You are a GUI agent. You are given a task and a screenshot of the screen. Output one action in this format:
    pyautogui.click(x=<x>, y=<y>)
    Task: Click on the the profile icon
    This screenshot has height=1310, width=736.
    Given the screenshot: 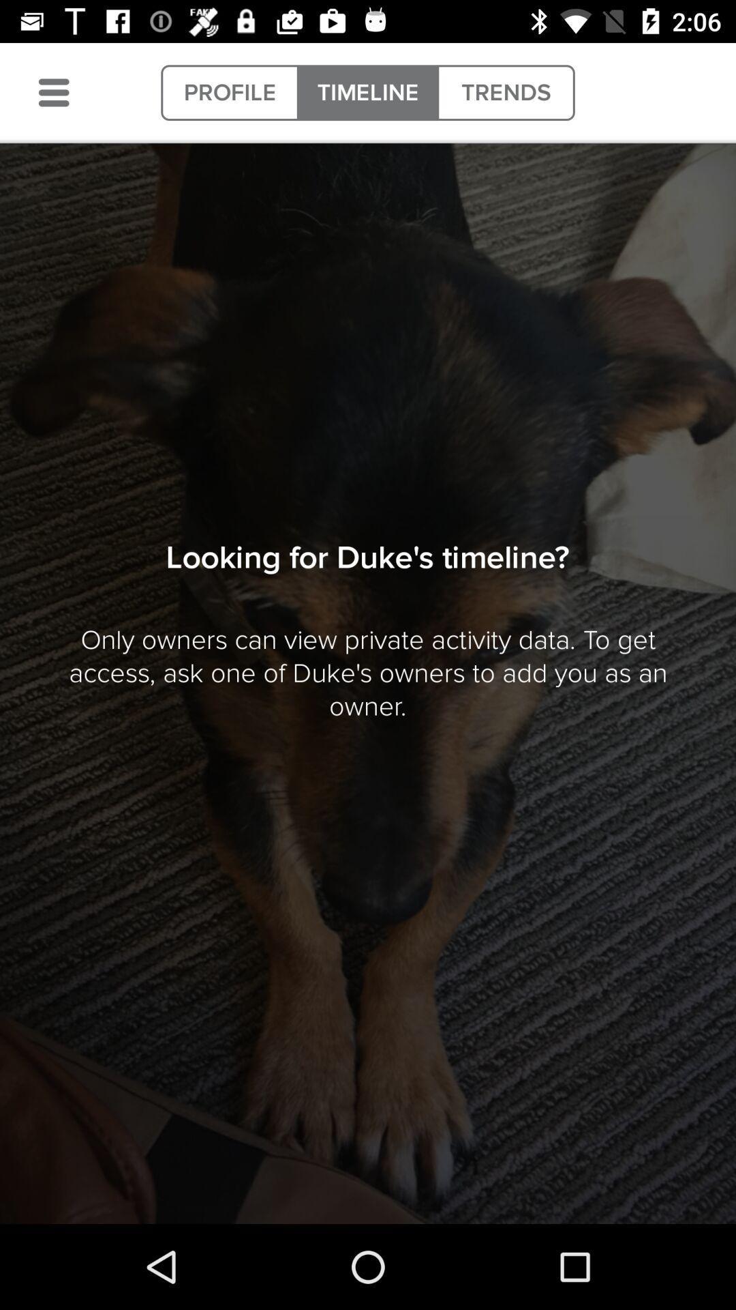 What is the action you would take?
    pyautogui.click(x=229, y=92)
    